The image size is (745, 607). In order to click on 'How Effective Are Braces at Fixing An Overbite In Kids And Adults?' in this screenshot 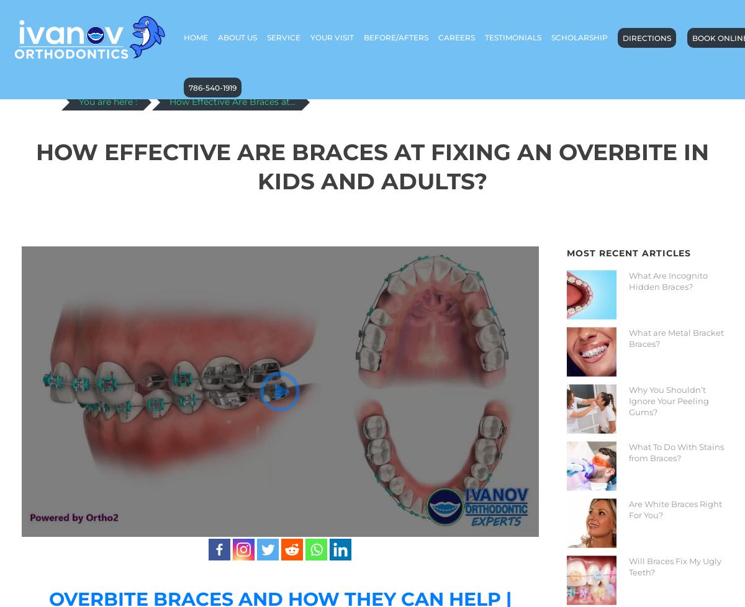, I will do `click(372, 165)`.